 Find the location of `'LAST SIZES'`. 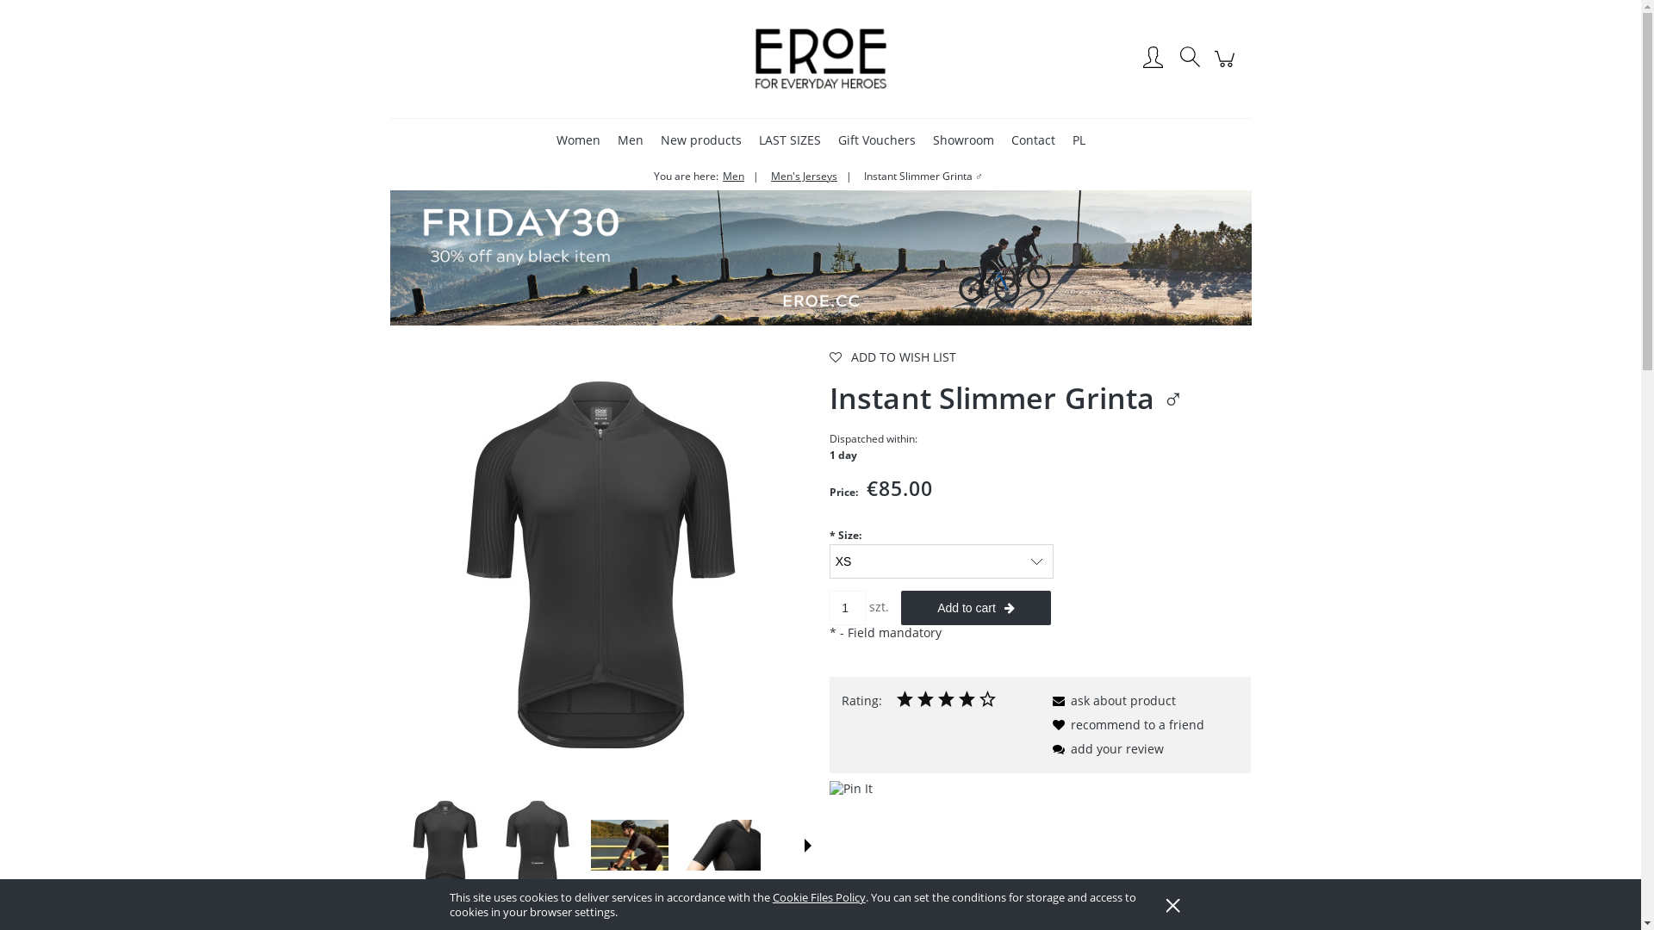

'LAST SIZES' is located at coordinates (751, 139).